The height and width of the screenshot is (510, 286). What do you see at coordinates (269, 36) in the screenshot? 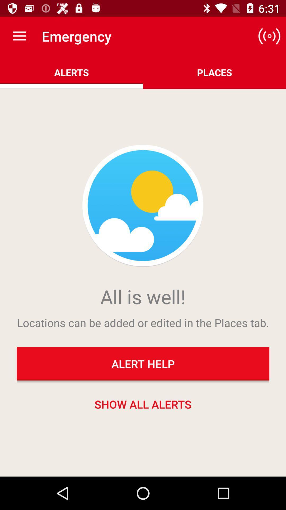
I see `app next to alerts app` at bounding box center [269, 36].